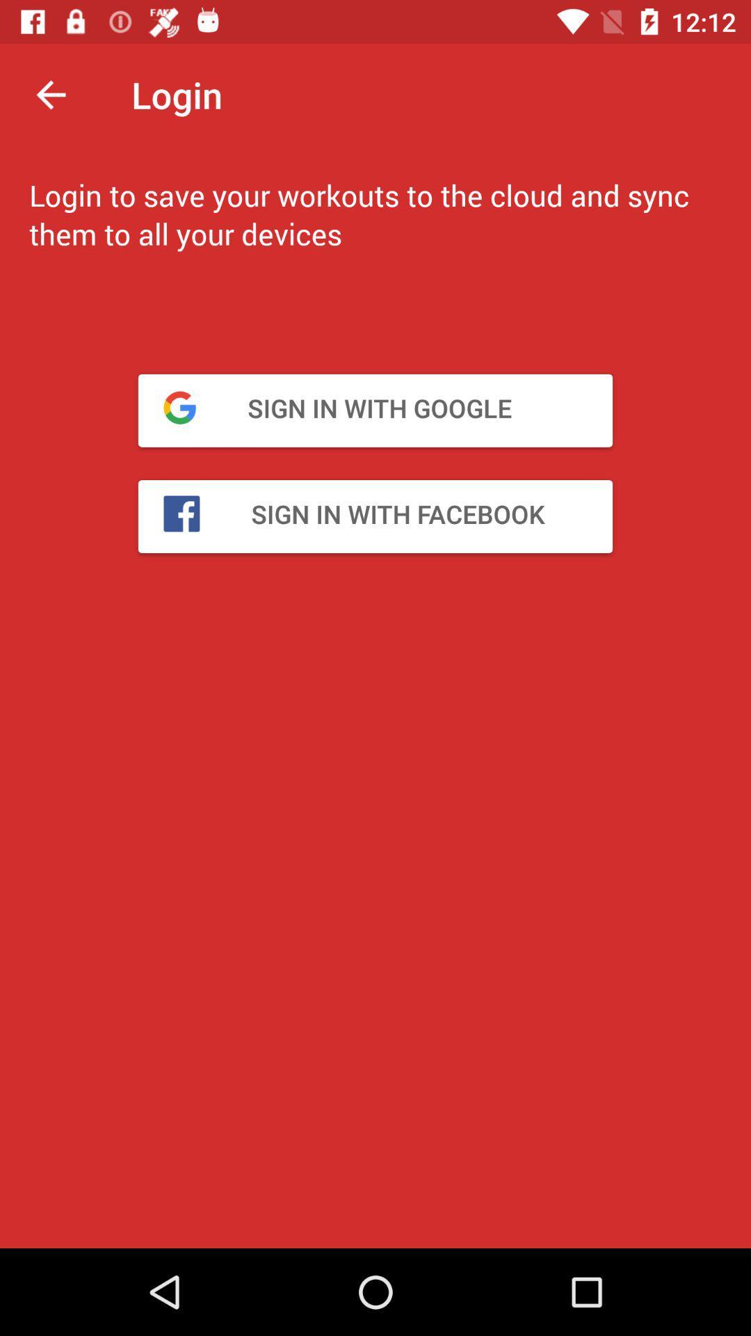 The image size is (751, 1336). Describe the element at coordinates (50, 94) in the screenshot. I see `the item to the left of the login item` at that location.